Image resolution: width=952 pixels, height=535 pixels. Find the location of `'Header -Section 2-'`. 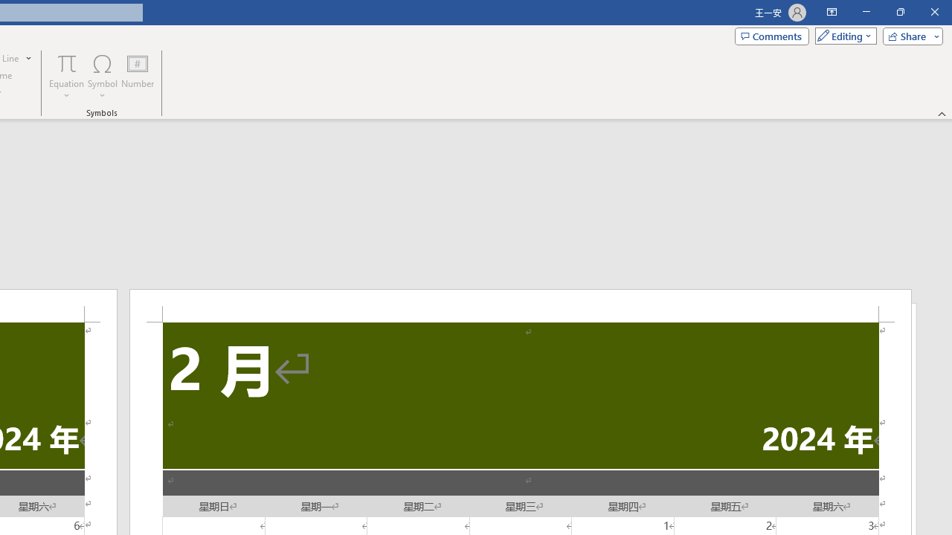

'Header -Section 2-' is located at coordinates (521, 305).